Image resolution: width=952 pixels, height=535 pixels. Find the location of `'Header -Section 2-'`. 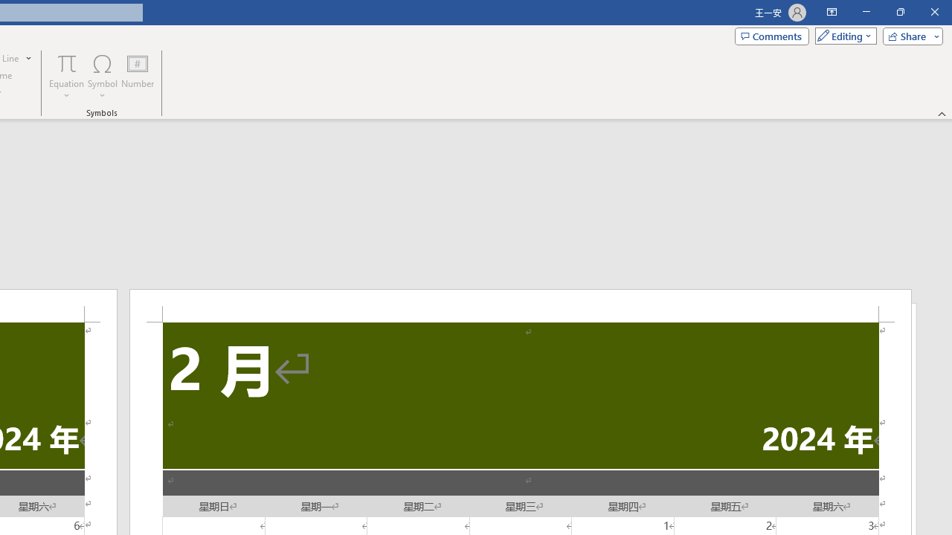

'Header -Section 2-' is located at coordinates (521, 305).